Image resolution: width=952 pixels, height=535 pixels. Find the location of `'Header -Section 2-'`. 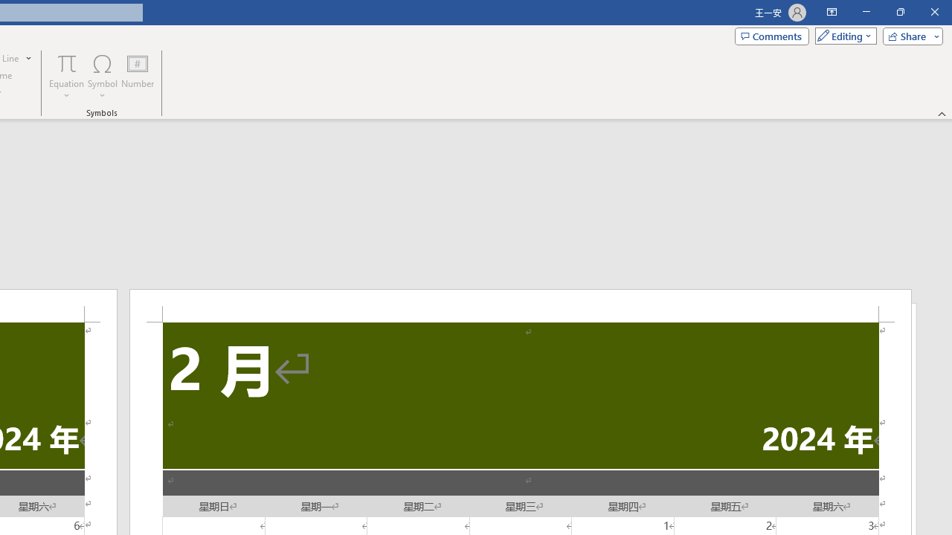

'Header -Section 2-' is located at coordinates (521, 305).